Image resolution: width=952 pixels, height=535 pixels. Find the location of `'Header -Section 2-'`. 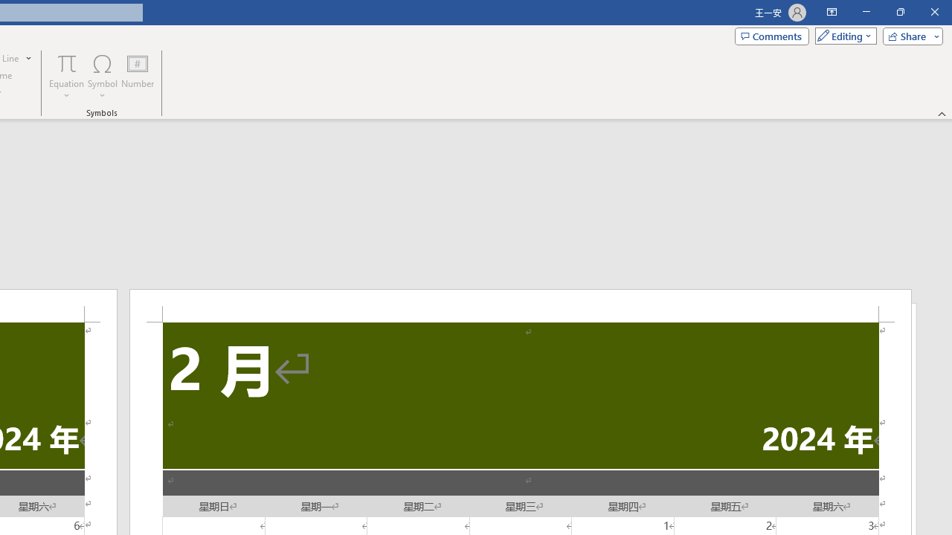

'Header -Section 2-' is located at coordinates (521, 305).